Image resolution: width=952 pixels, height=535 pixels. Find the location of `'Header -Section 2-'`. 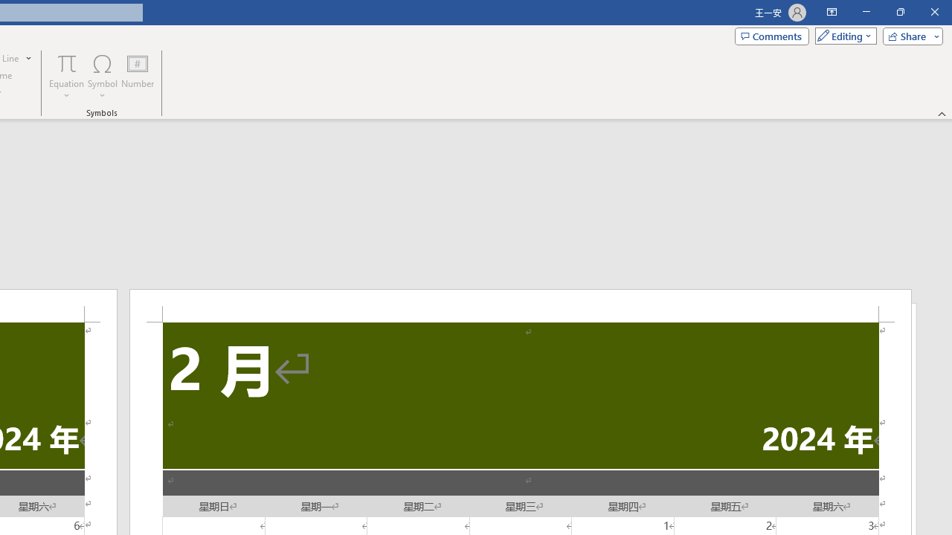

'Header -Section 2-' is located at coordinates (521, 305).